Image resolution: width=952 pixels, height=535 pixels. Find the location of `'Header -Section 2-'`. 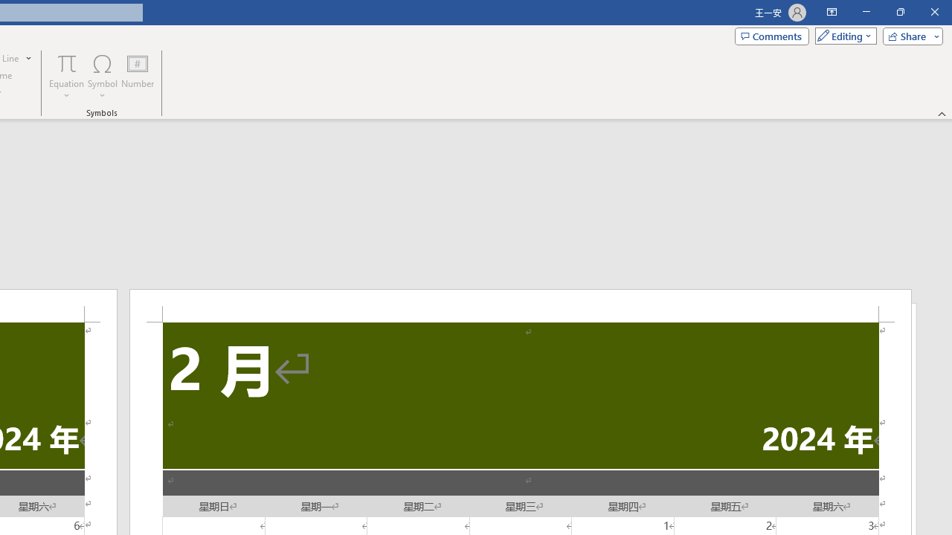

'Header -Section 2-' is located at coordinates (521, 305).